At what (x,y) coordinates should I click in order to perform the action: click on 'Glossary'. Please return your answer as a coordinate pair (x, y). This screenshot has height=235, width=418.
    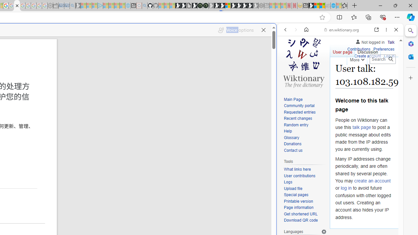
    Looking at the image, I should click on (305, 137).